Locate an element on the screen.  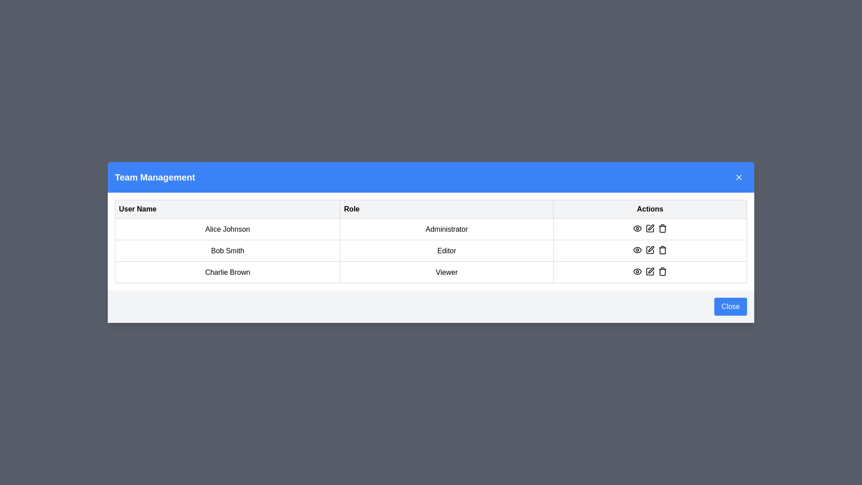
the trash bin icon button in the Actions column of the row for Bob Smith is located at coordinates (663, 250).